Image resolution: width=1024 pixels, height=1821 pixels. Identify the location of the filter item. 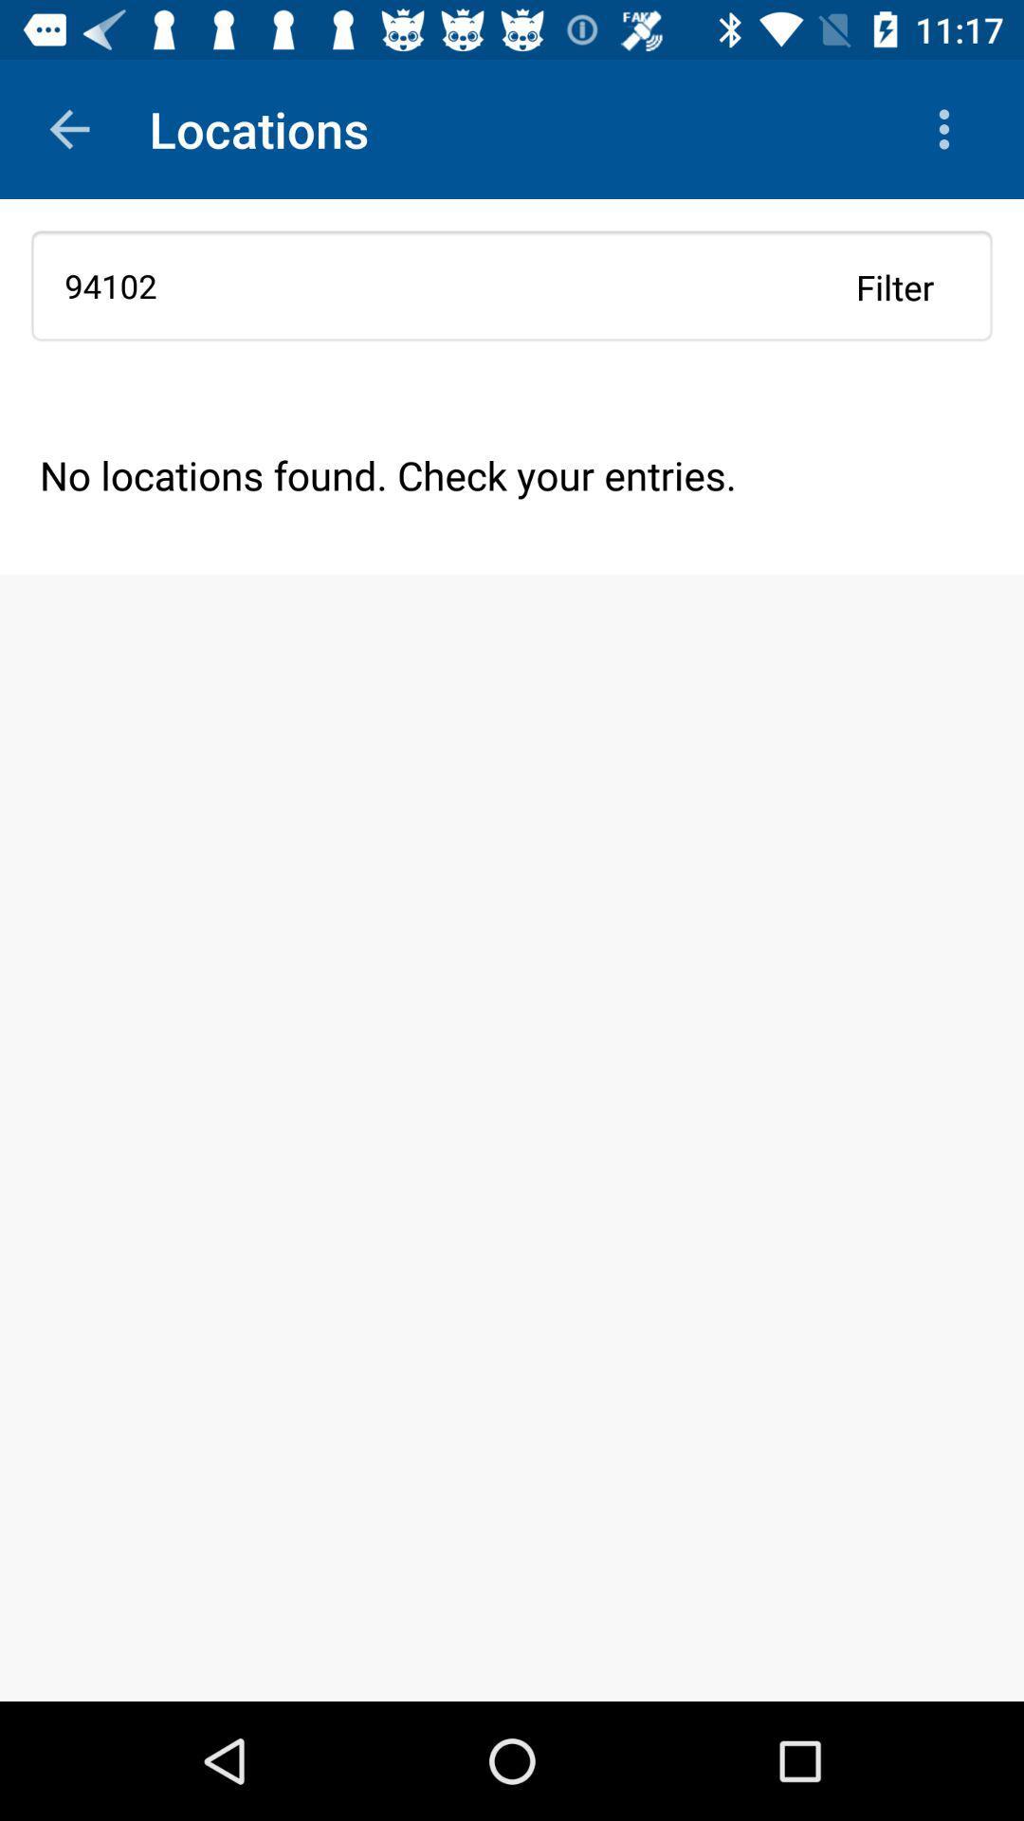
(895, 285).